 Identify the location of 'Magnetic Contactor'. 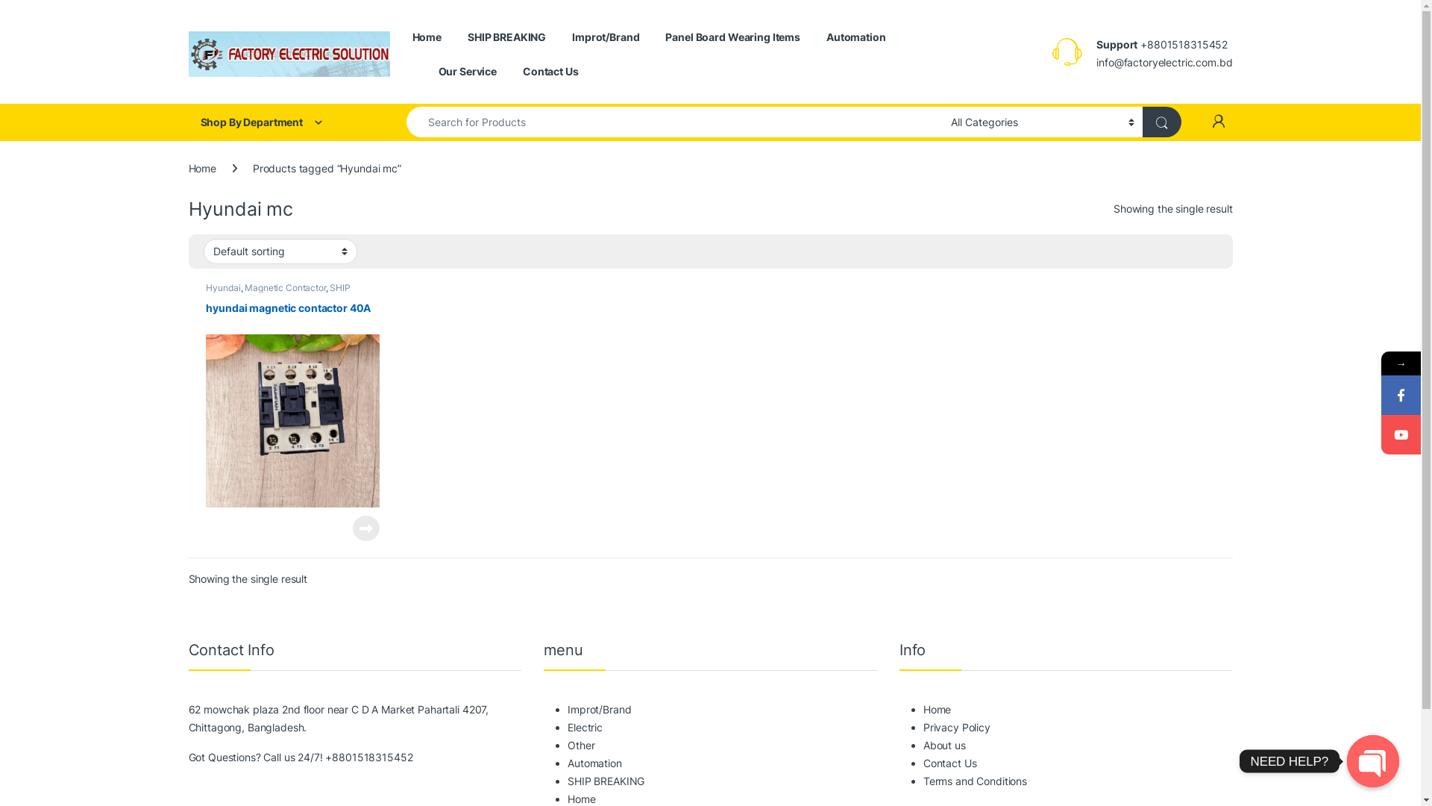
(285, 287).